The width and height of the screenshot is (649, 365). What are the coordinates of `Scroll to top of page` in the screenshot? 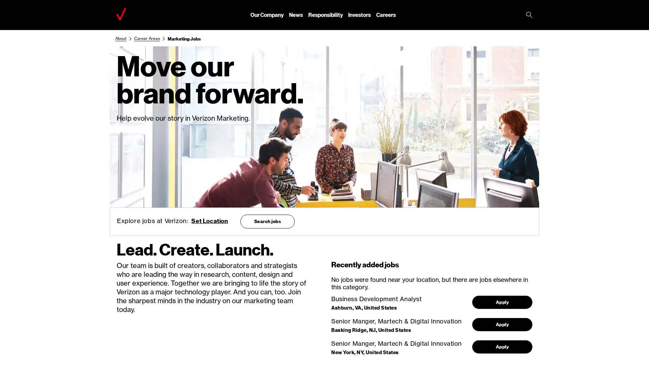 It's located at (632, 344).